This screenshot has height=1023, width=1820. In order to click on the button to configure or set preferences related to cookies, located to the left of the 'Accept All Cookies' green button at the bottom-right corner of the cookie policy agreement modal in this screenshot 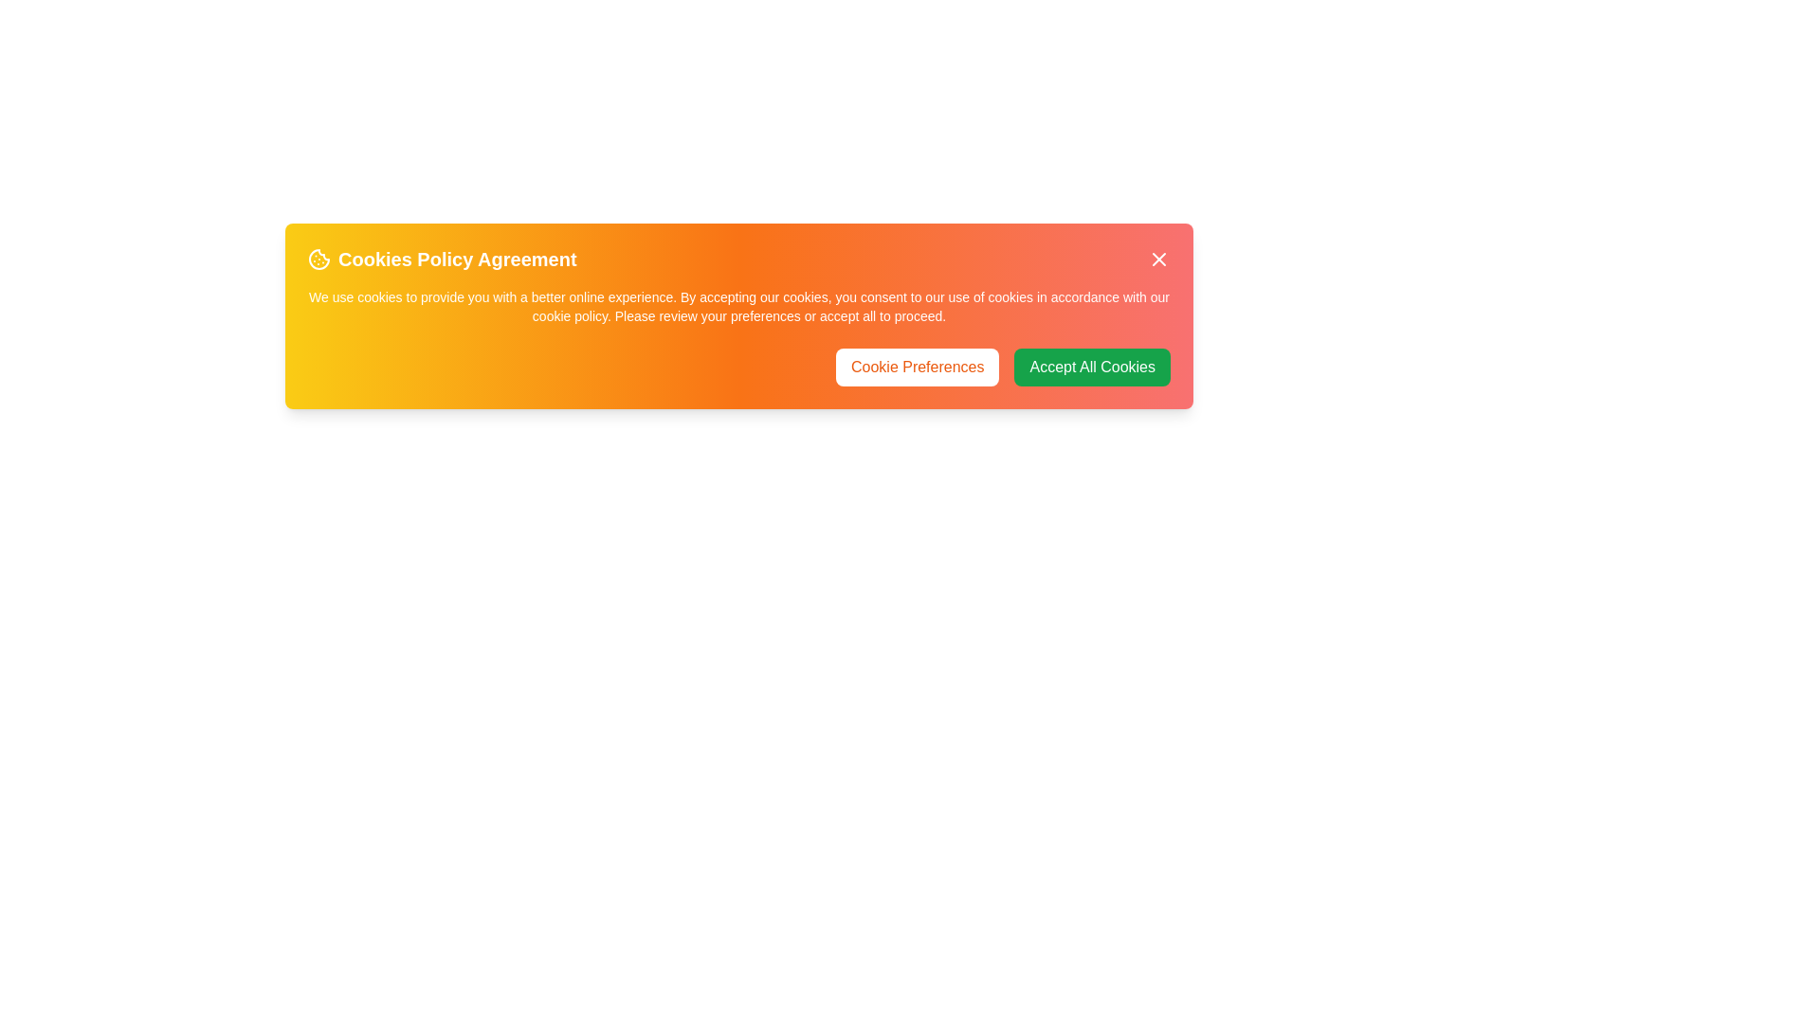, I will do `click(918, 368)`.